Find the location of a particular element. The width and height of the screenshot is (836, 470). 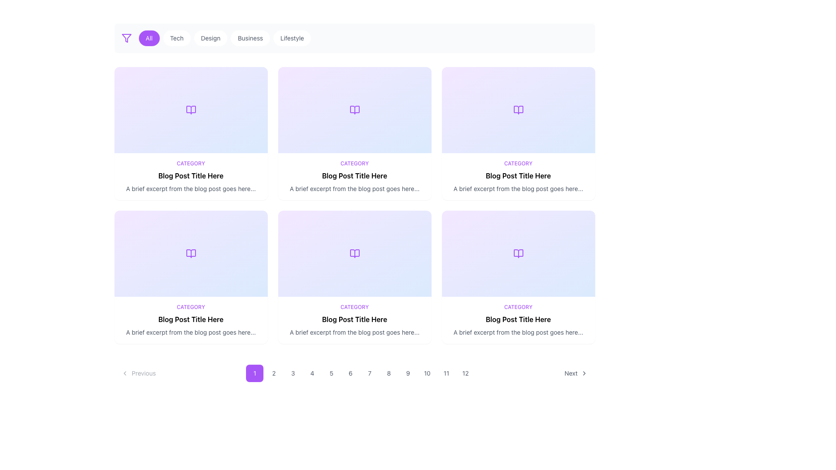

the content block section of the fourth blog card located in the first row and third column, specifically in the lower portion beneath the large gradient background is located at coordinates (518, 176).